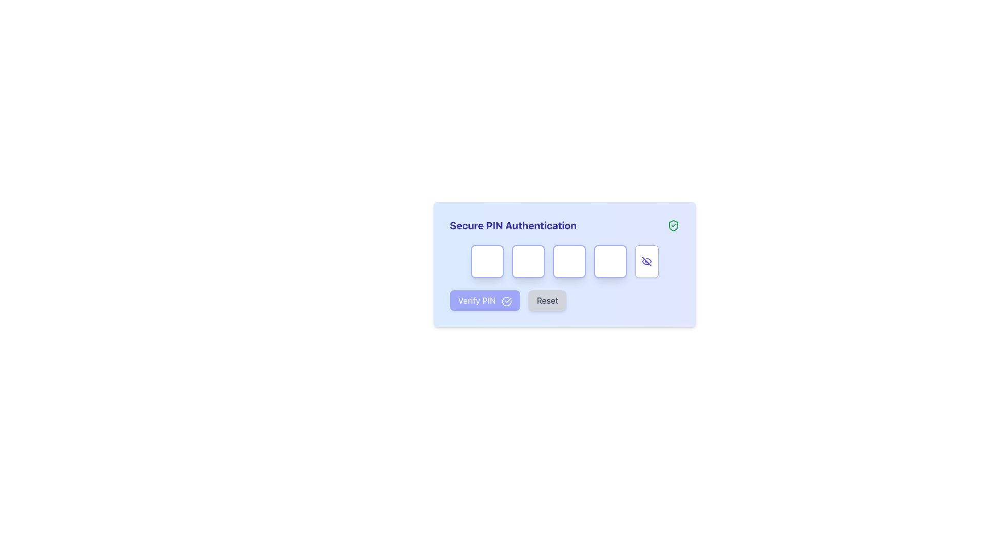  I want to click on the first input box of the PIN entry form to focus and enter a character, so click(487, 261).